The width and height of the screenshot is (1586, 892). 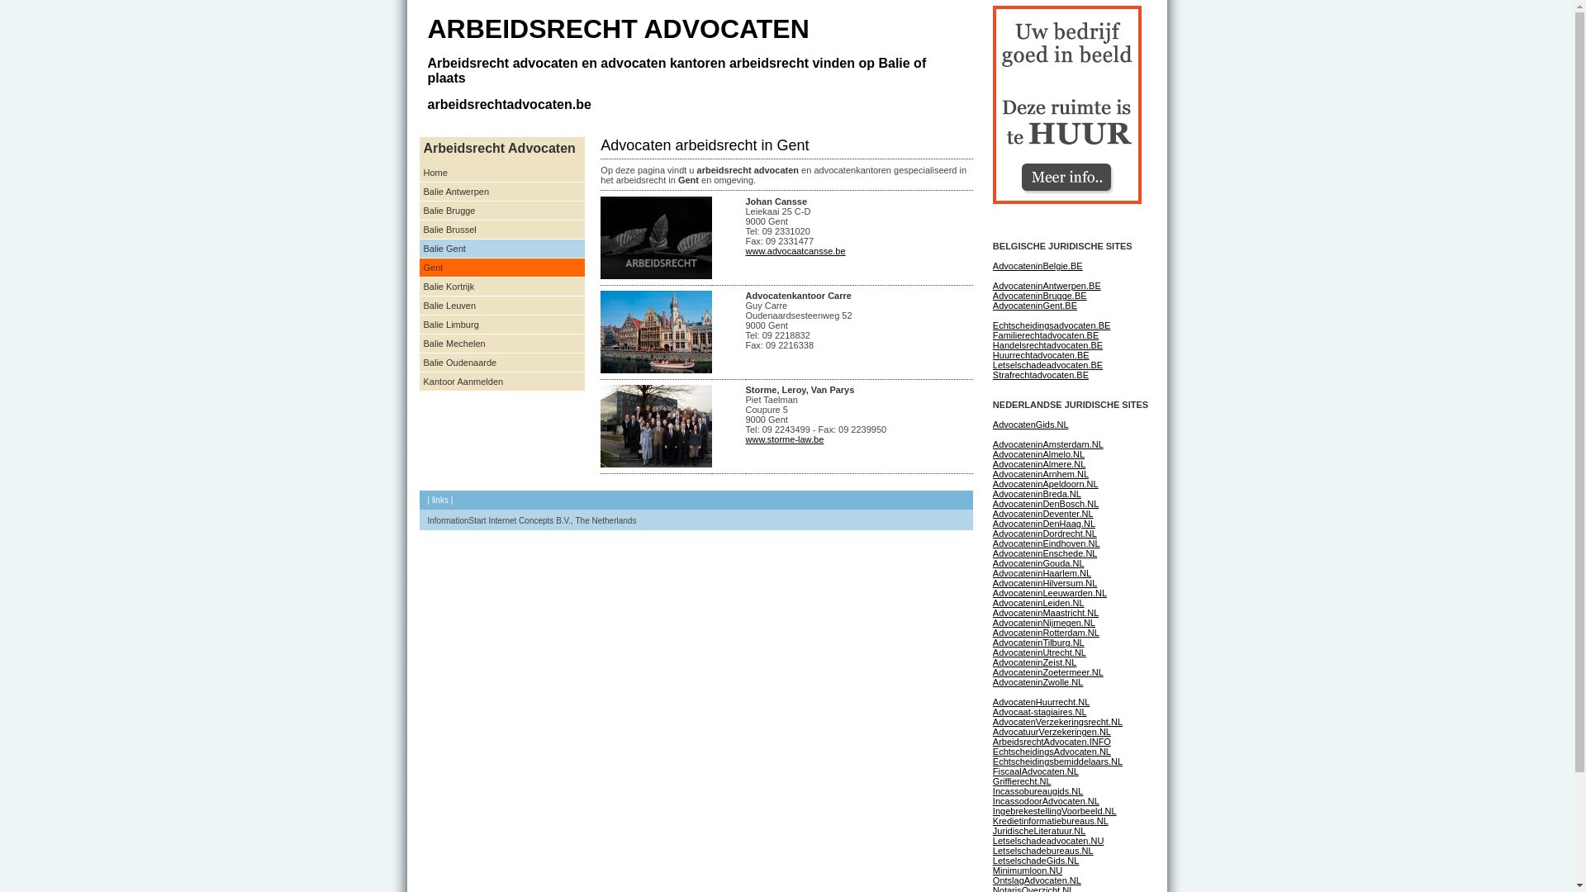 I want to click on 'EchtscheidingsAdvocaten.NL', so click(x=1051, y=752).